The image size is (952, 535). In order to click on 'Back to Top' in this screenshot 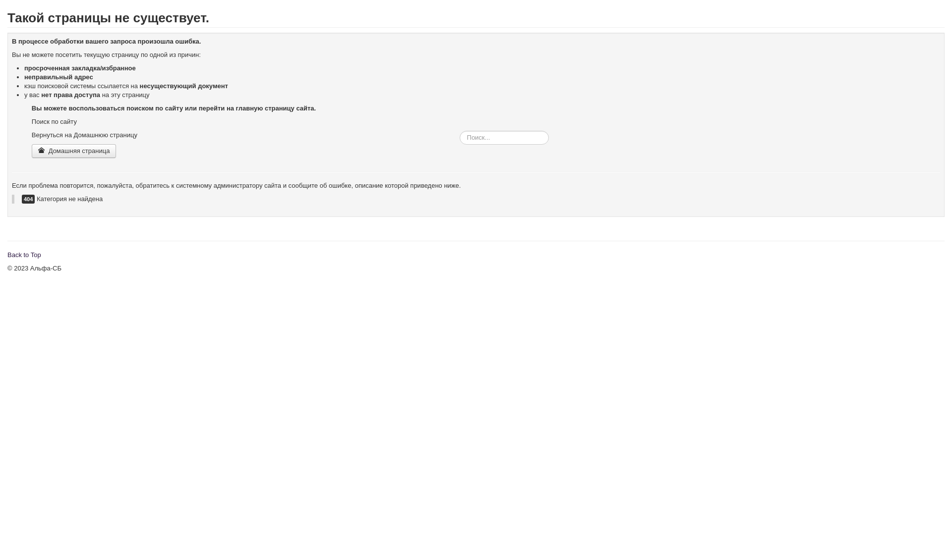, I will do `click(24, 254)`.